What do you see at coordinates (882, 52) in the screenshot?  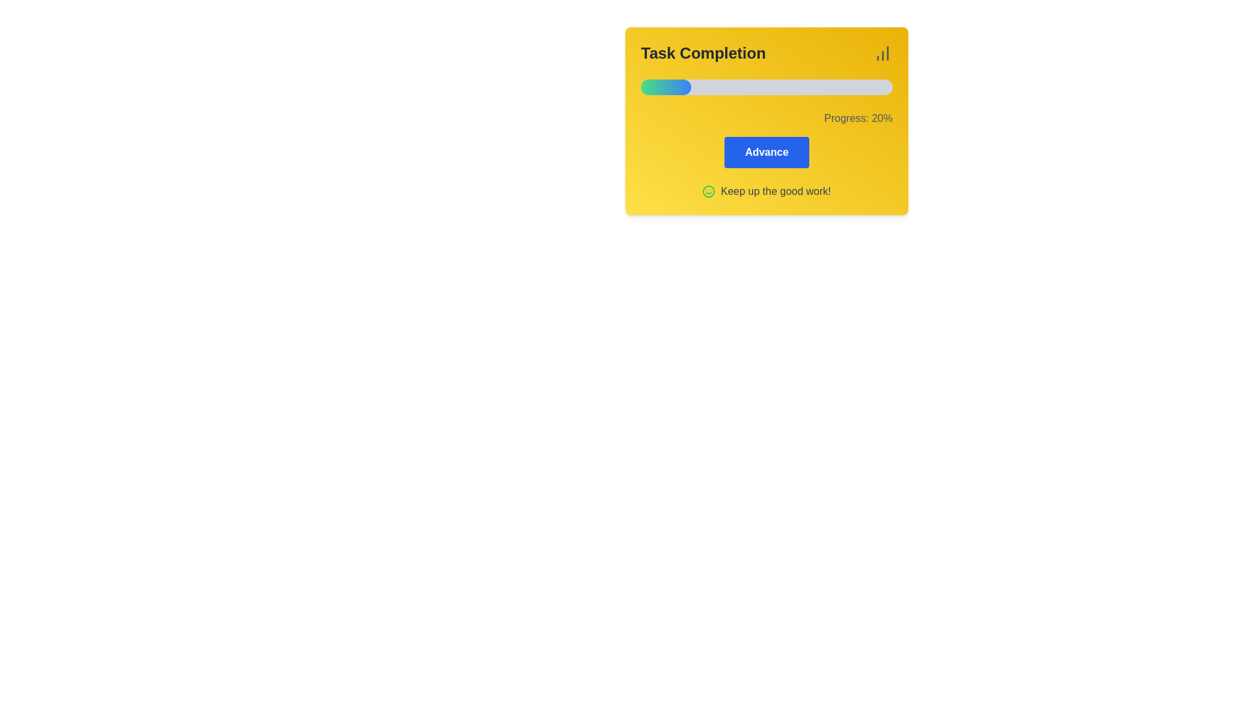 I see `the icon located in the top-right corner of the 'Task Completion' section, positioned to the right of the title text 'Task Completion'` at bounding box center [882, 52].